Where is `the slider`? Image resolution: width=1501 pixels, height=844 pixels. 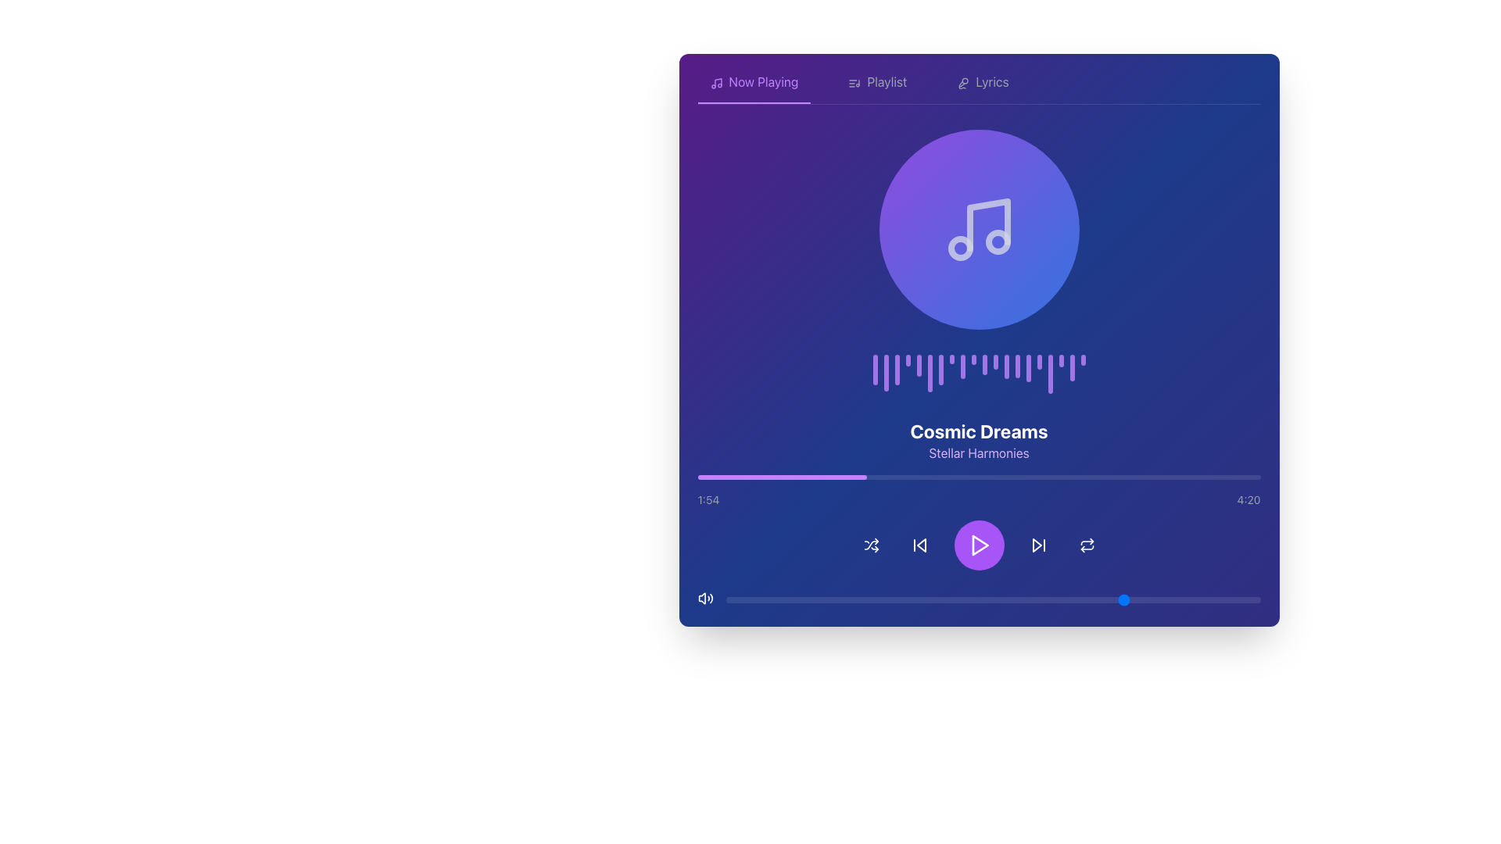 the slider is located at coordinates (949, 599).